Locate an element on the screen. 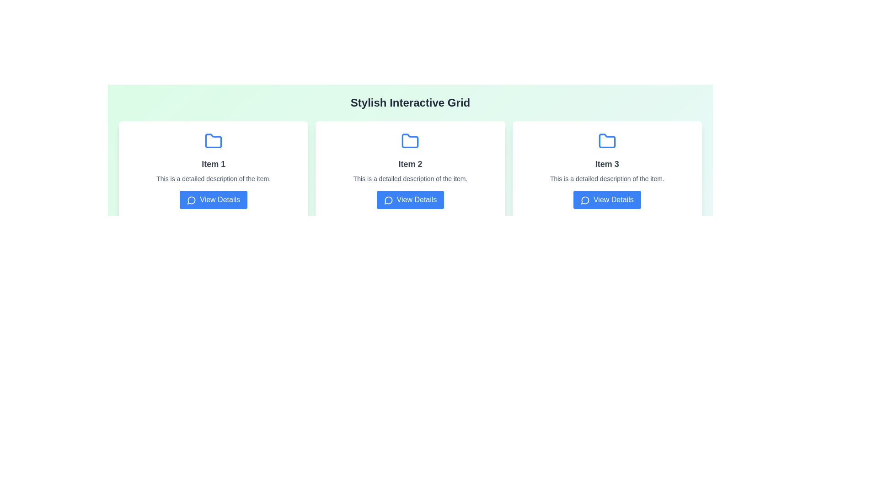  the blue speech bubble icon within the 'View Details' button located below the 'Item 1' section is located at coordinates (191, 199).